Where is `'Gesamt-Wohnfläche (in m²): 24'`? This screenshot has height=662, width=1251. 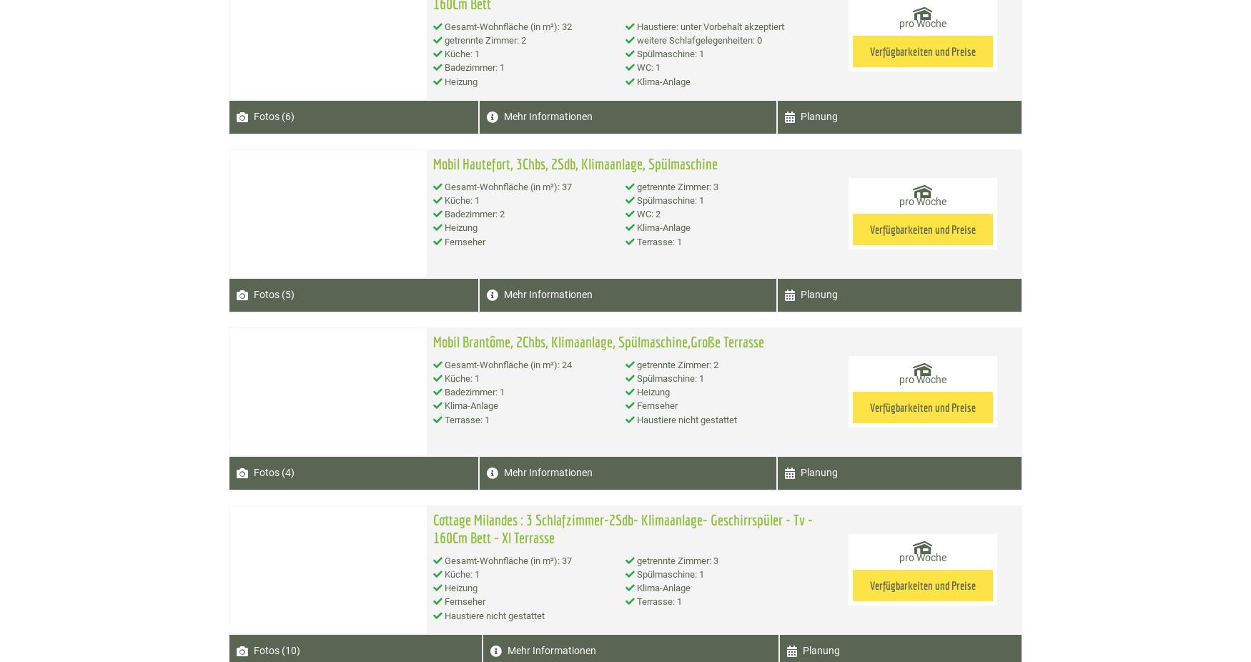
'Gesamt-Wohnfläche (in m²): 24' is located at coordinates (506, 363).